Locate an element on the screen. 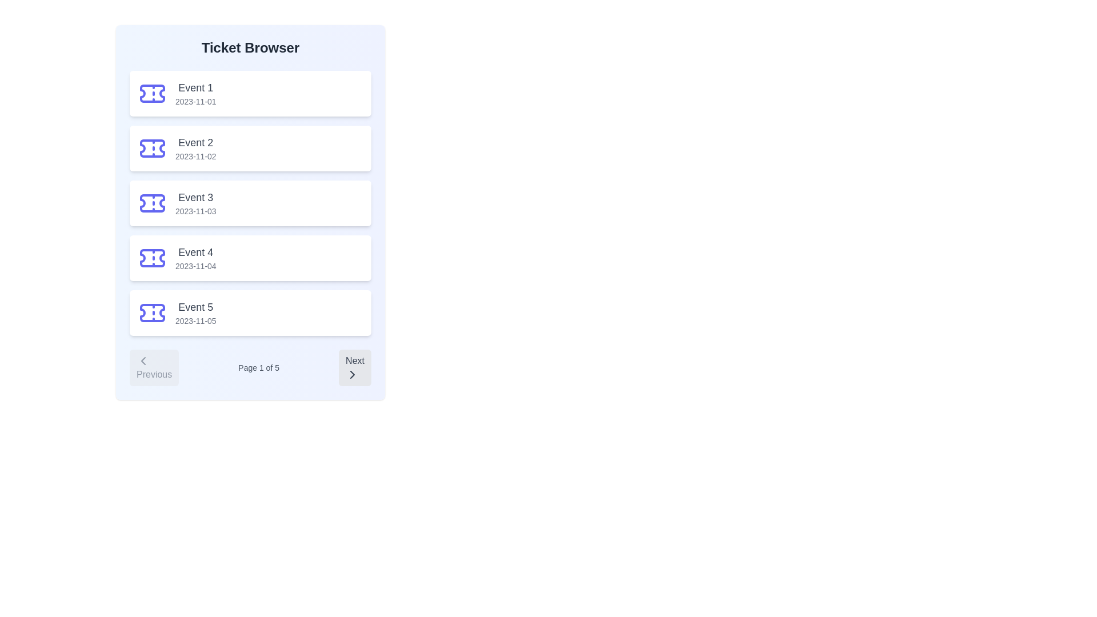 The image size is (1097, 617). the Text Display element that serves as the title for the fourth event in the 'Ticket Browser' interface, located above the date text '2023-11-04' is located at coordinates (195, 252).